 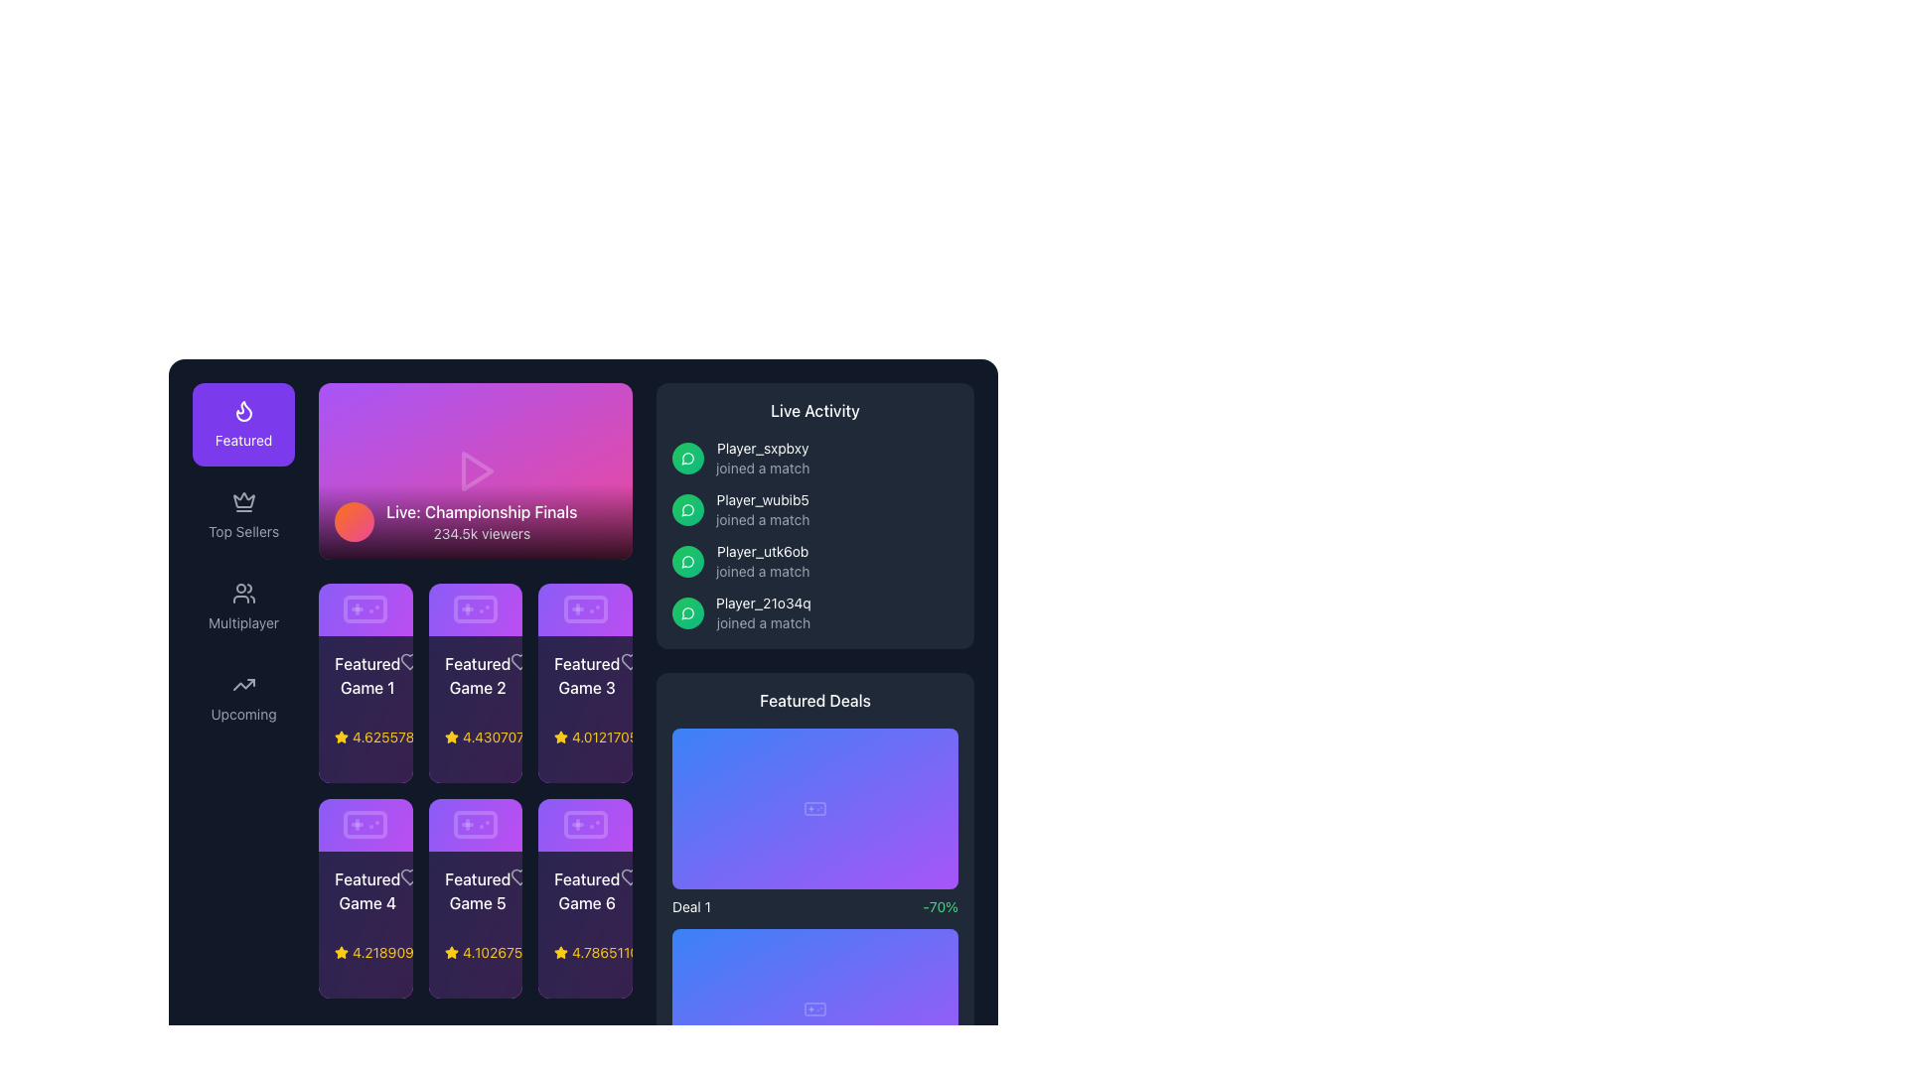 I want to click on the static text element that displays 'joined a match', located below the username 'Player_21o34q' in the 'Live Activity' section, so click(x=762, y=622).